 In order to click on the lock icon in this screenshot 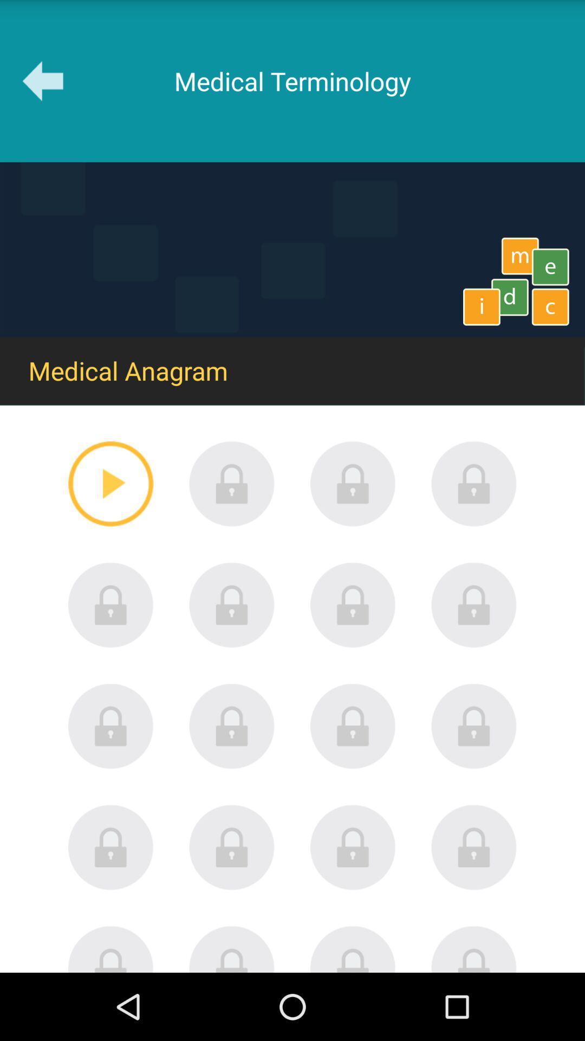, I will do `click(473, 776)`.